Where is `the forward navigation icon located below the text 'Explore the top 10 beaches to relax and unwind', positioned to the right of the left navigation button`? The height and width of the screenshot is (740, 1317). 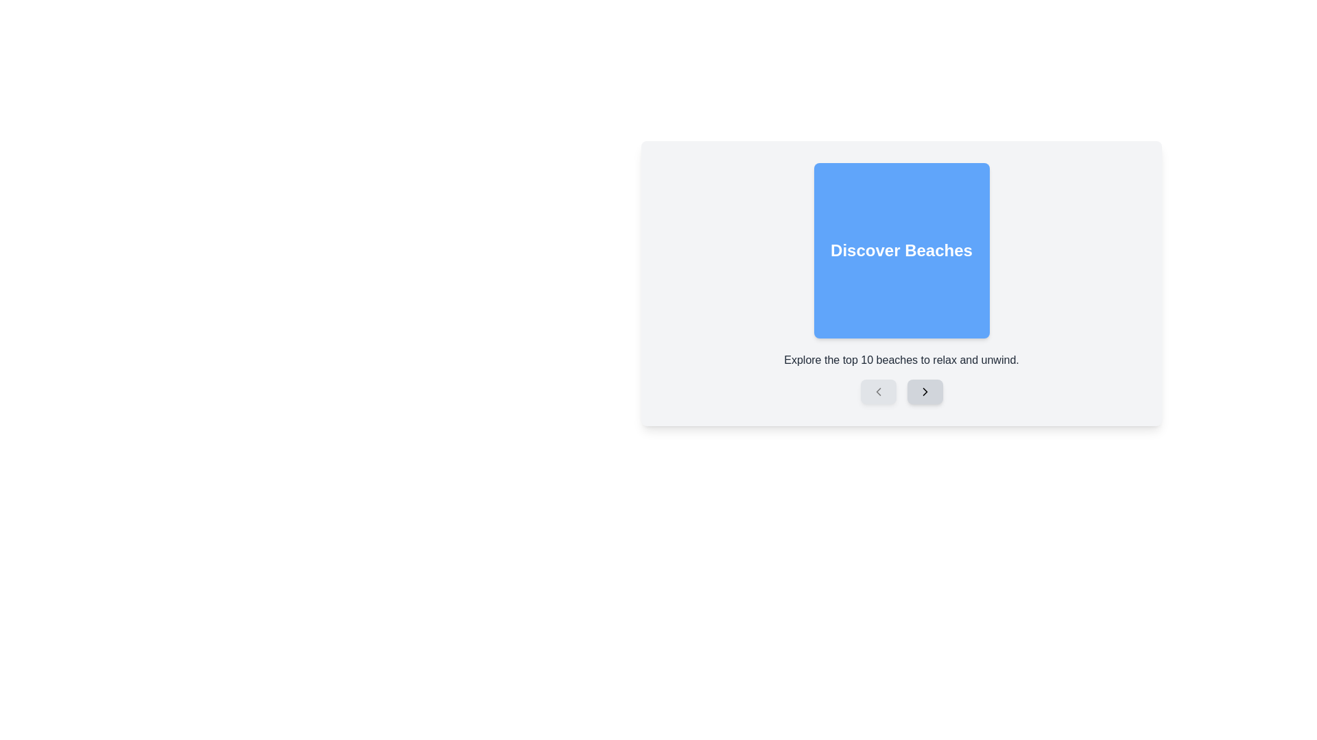 the forward navigation icon located below the text 'Explore the top 10 beaches to relax and unwind', positioned to the right of the left navigation button is located at coordinates (925, 391).